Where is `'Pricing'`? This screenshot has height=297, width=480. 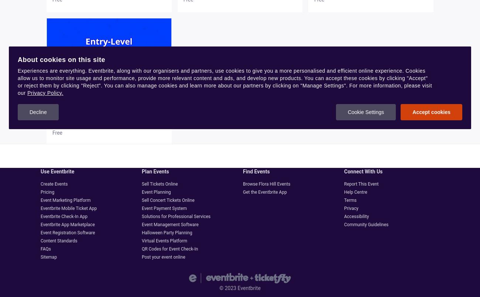 'Pricing' is located at coordinates (47, 191).